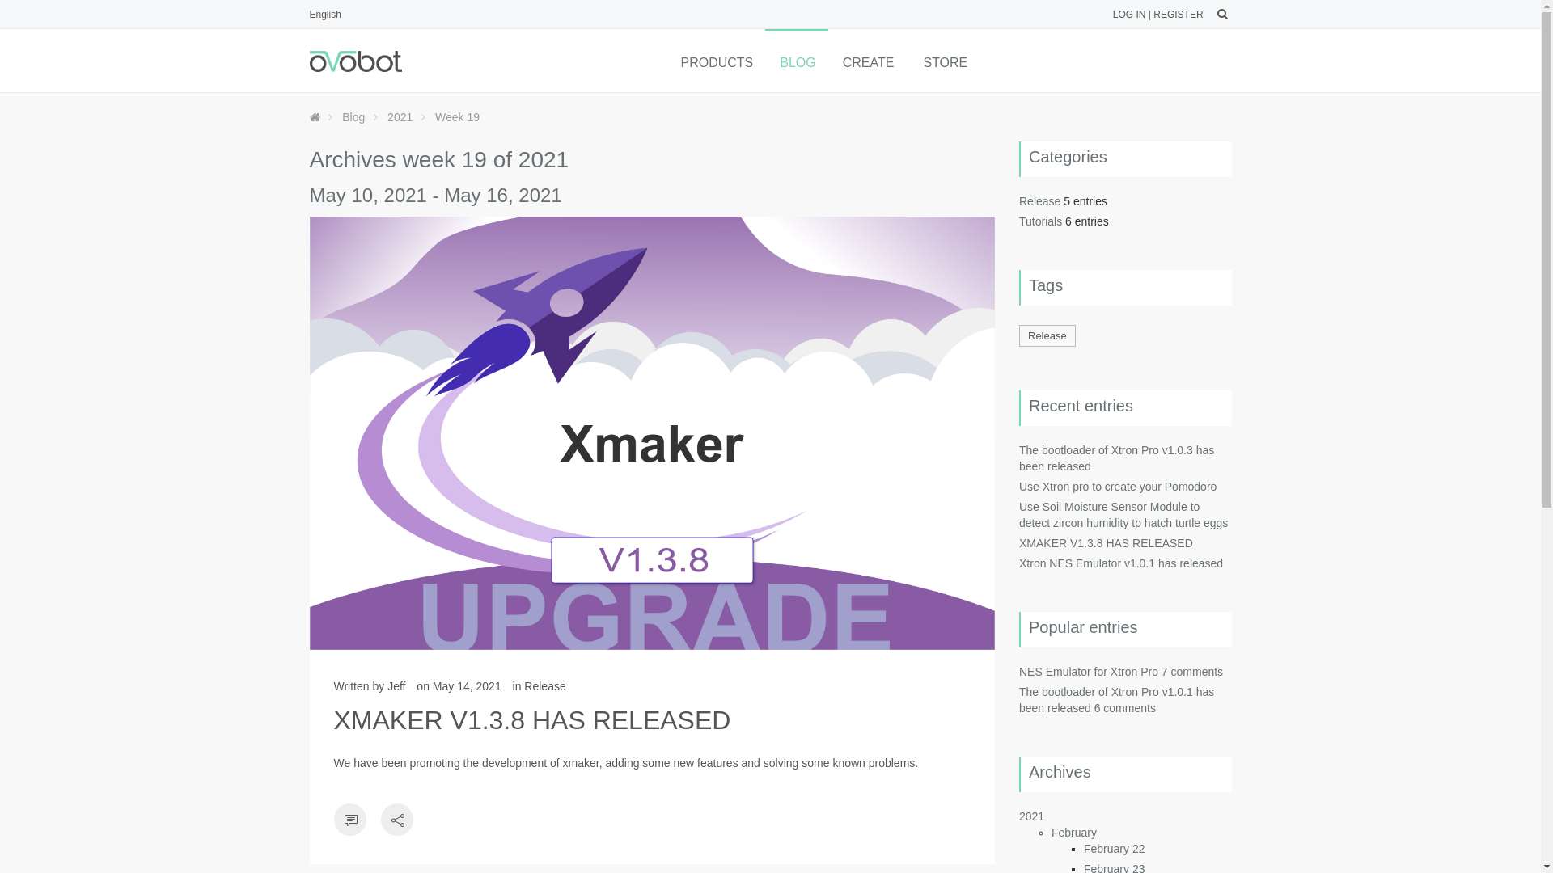 The height and width of the screenshot is (873, 1553). What do you see at coordinates (1120, 563) in the screenshot?
I see `'Xtron NES Emulator v1.0.1 has released'` at bounding box center [1120, 563].